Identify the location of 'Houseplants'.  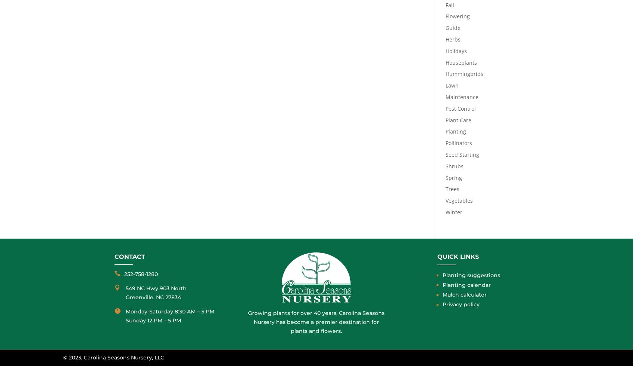
(444, 62).